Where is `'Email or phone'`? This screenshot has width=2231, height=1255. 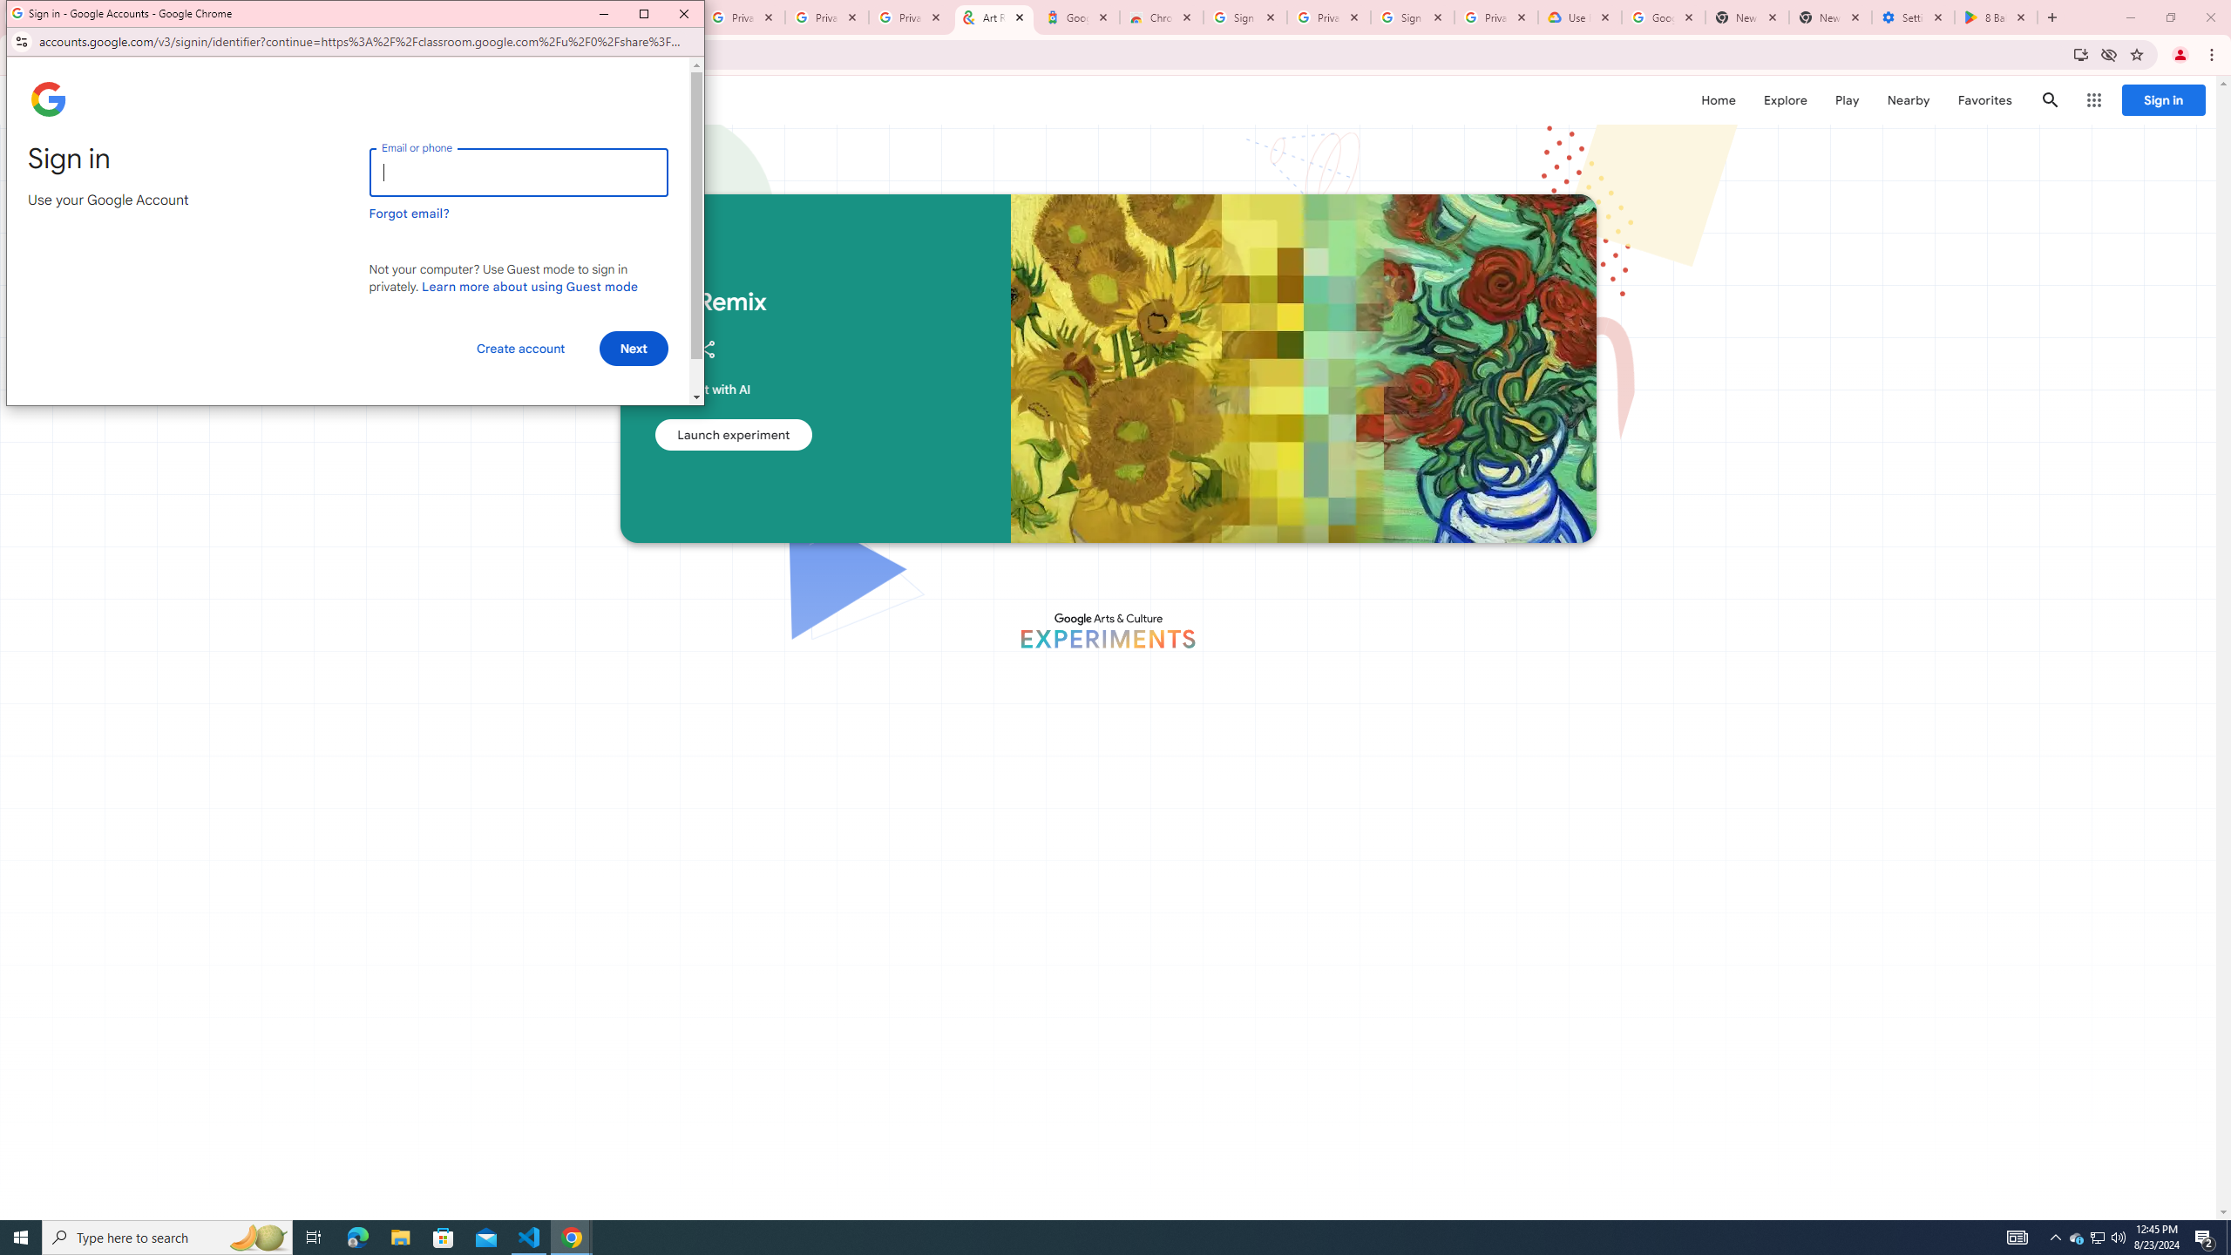
'Email or phone' is located at coordinates (519, 173).